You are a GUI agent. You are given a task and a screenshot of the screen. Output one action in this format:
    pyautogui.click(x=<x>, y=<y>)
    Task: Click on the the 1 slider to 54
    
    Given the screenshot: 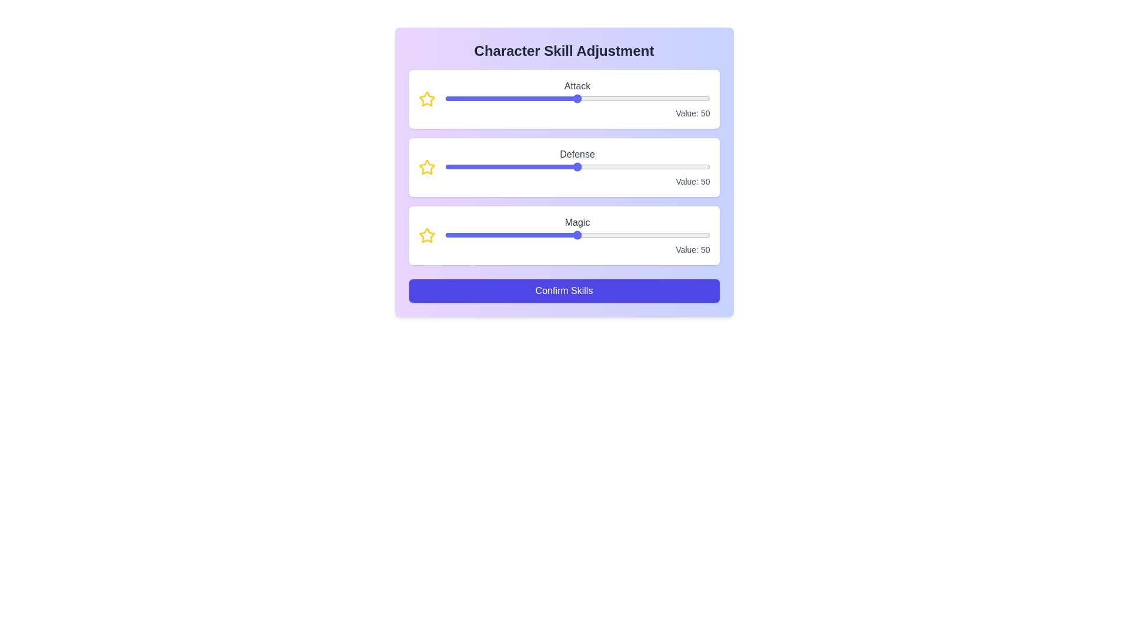 What is the action you would take?
    pyautogui.click(x=648, y=167)
    